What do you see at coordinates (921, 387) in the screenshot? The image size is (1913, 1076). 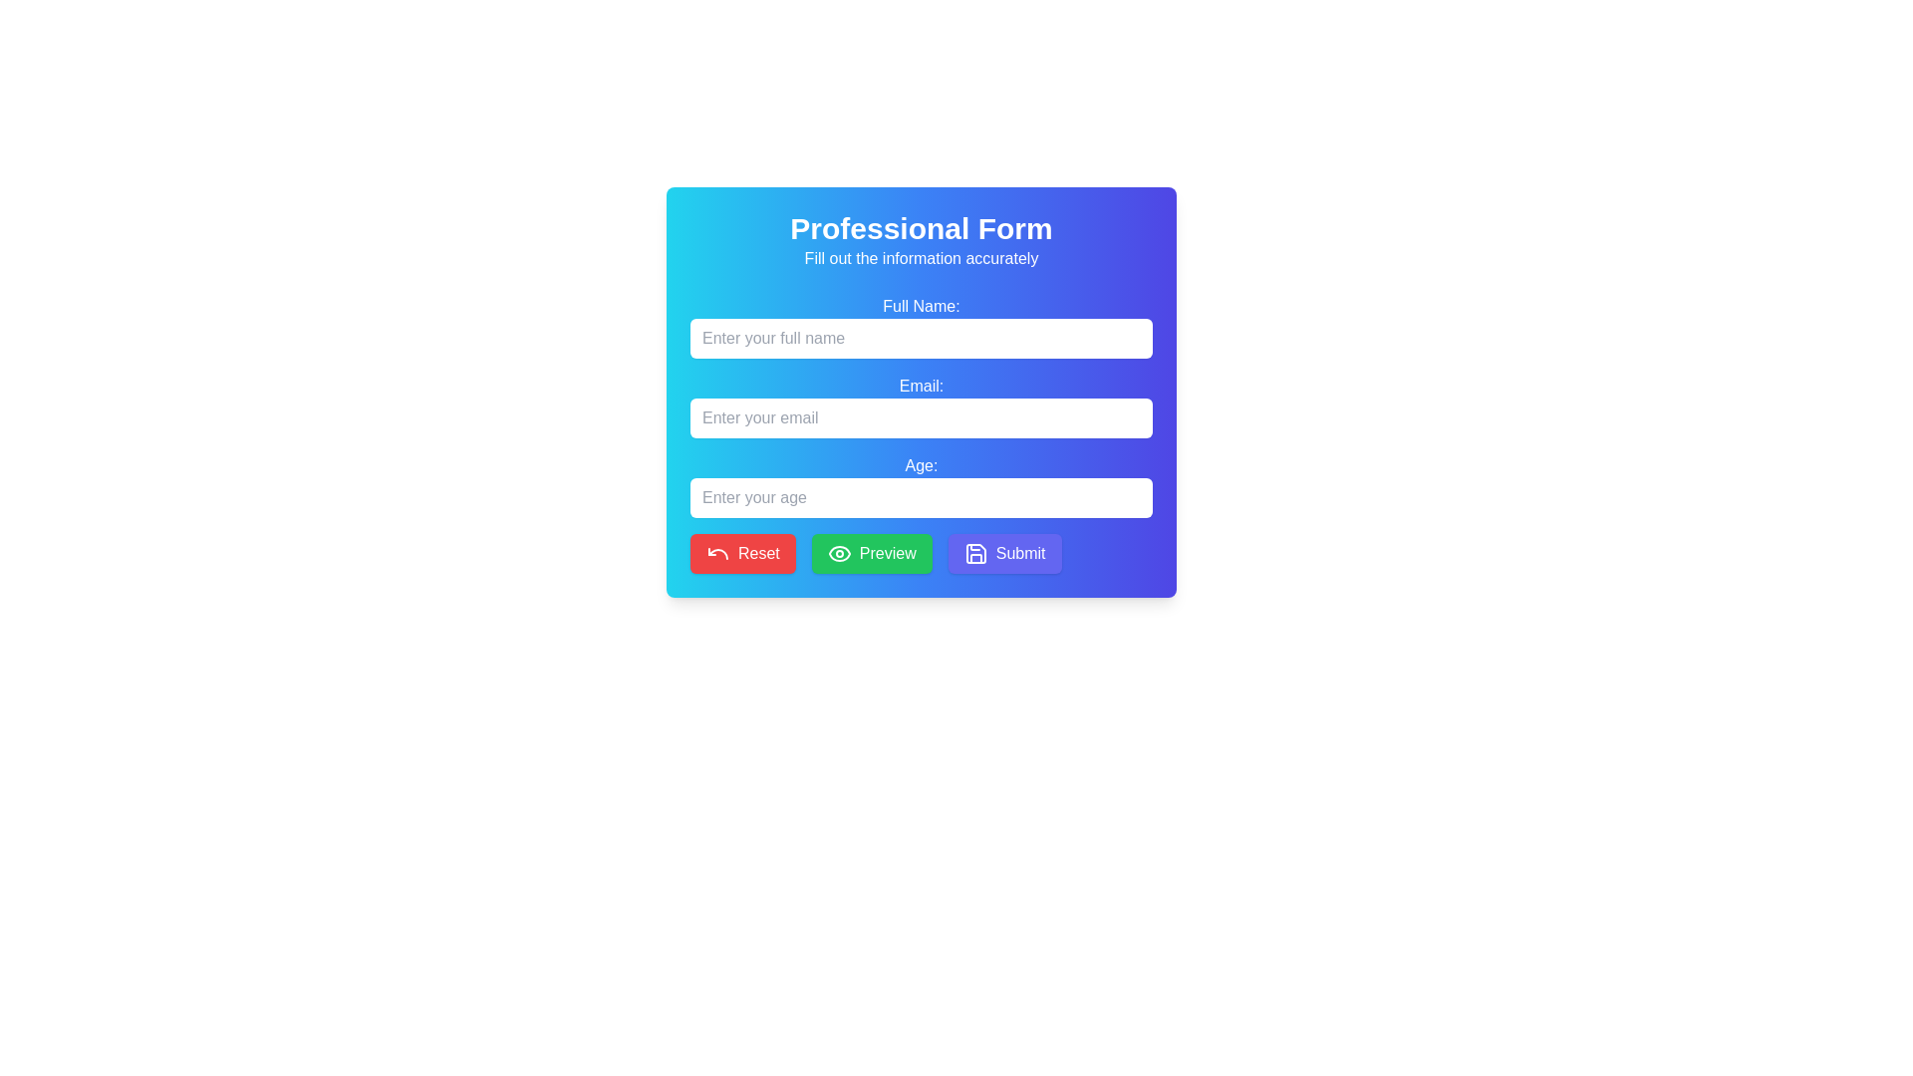 I see `the text label displaying 'Email:' which is centrally positioned in the form area above the email input field and below the 'Full Name:' label` at bounding box center [921, 387].